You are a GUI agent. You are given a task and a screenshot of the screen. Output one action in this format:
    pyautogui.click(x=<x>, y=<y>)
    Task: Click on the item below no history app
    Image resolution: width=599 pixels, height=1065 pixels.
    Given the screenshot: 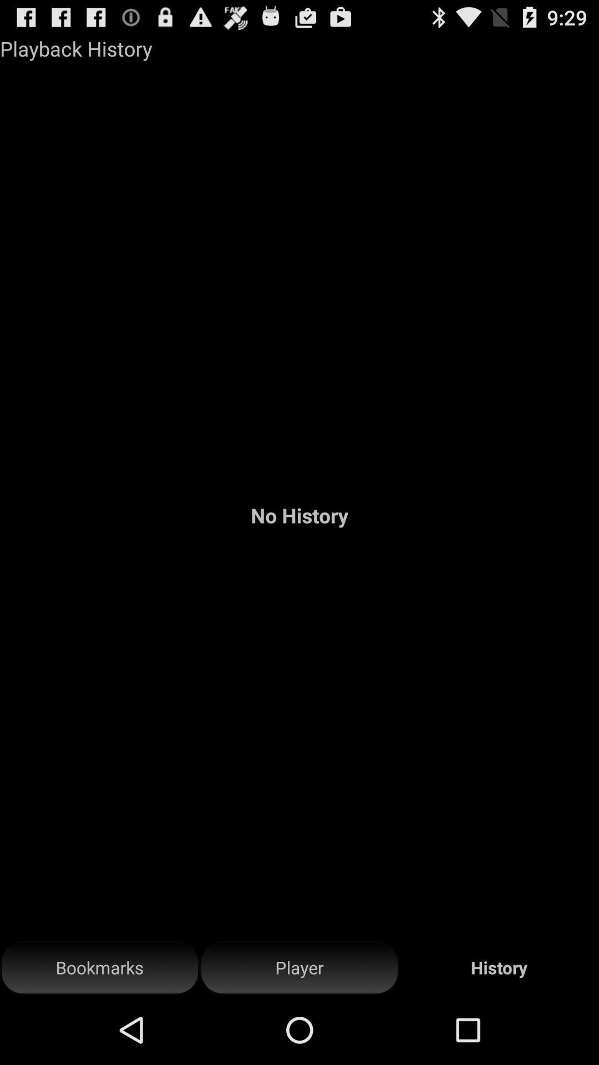 What is the action you would take?
    pyautogui.click(x=100, y=967)
    